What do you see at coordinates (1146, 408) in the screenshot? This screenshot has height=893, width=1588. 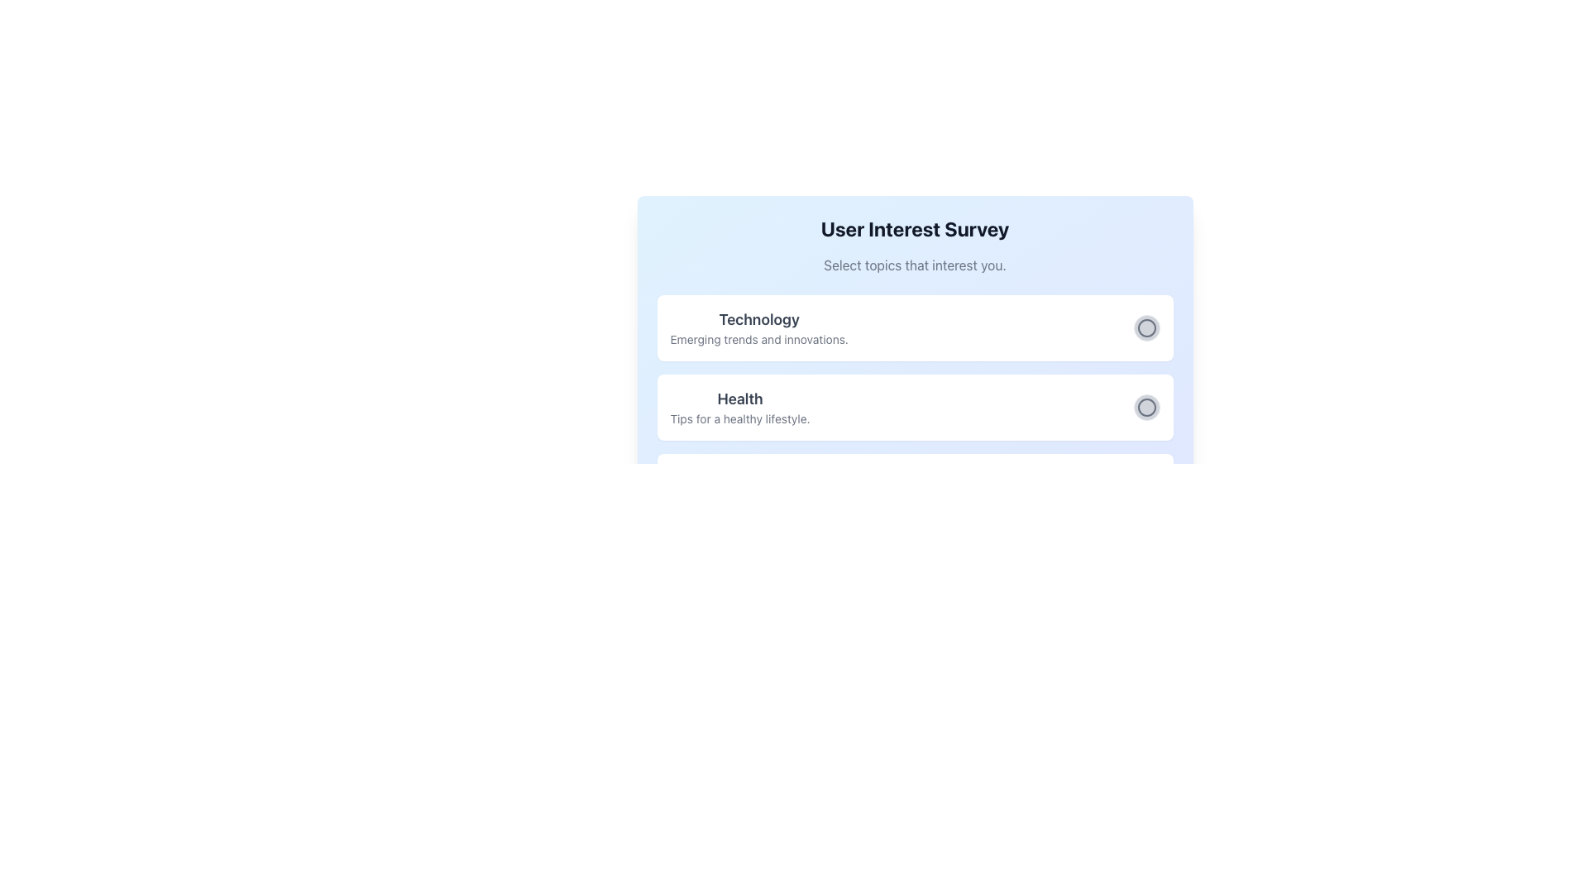 I see `the second radio button for the 'Health' interest option in the survey` at bounding box center [1146, 408].